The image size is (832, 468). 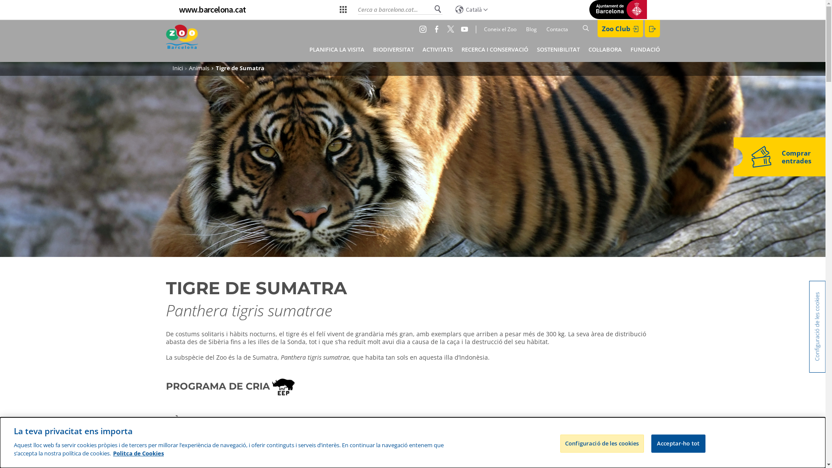 What do you see at coordinates (424, 28) in the screenshot?
I see `'Instagram'` at bounding box center [424, 28].